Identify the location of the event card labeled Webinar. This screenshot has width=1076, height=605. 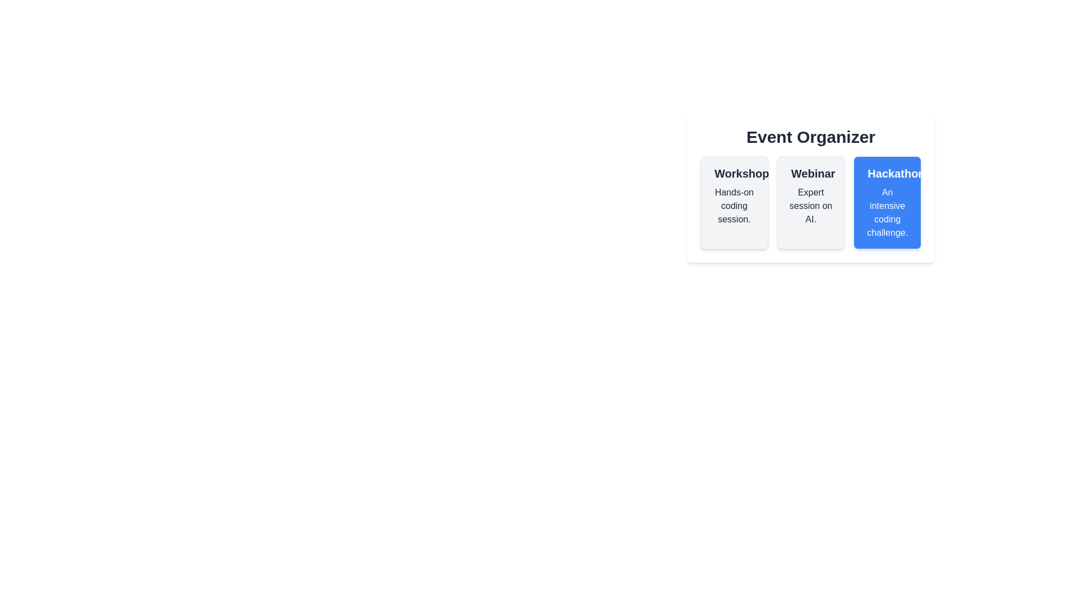
(810, 203).